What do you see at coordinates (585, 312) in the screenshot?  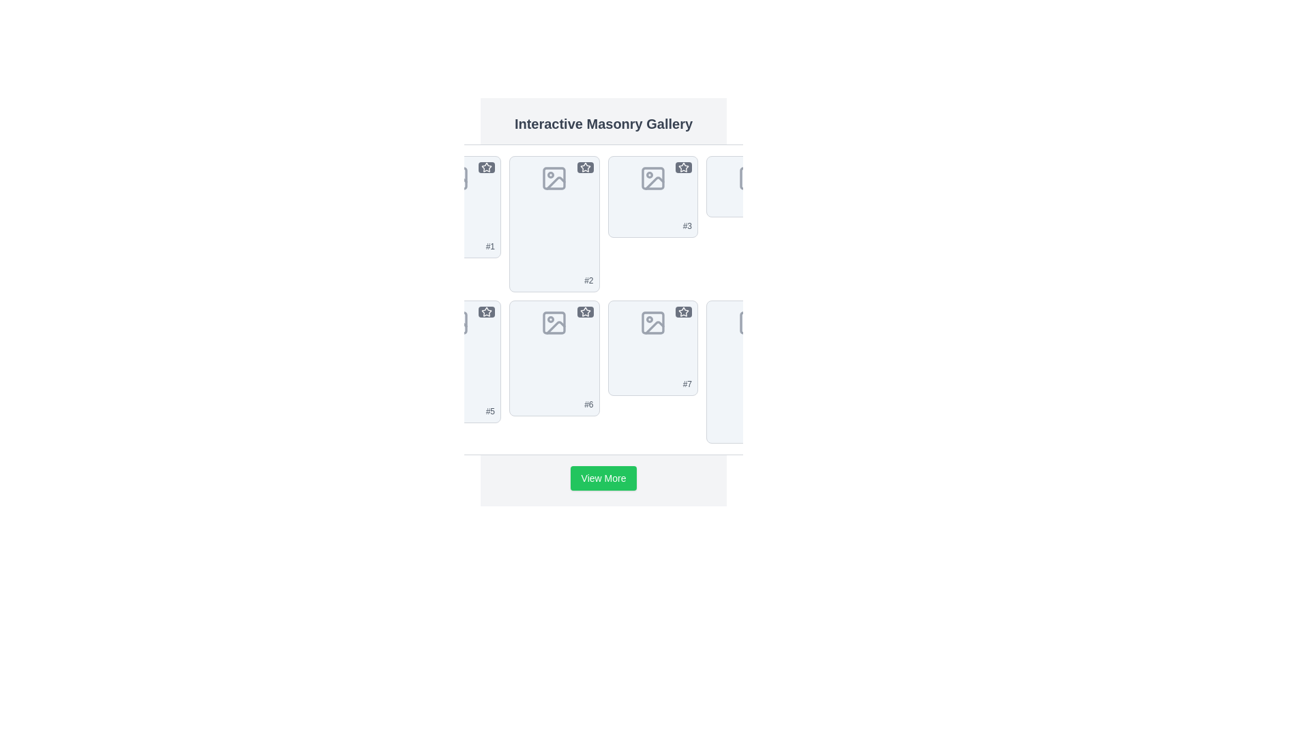 I see `the 'favorite' icon located in the top-right corner of the sixth item in the grid` at bounding box center [585, 312].